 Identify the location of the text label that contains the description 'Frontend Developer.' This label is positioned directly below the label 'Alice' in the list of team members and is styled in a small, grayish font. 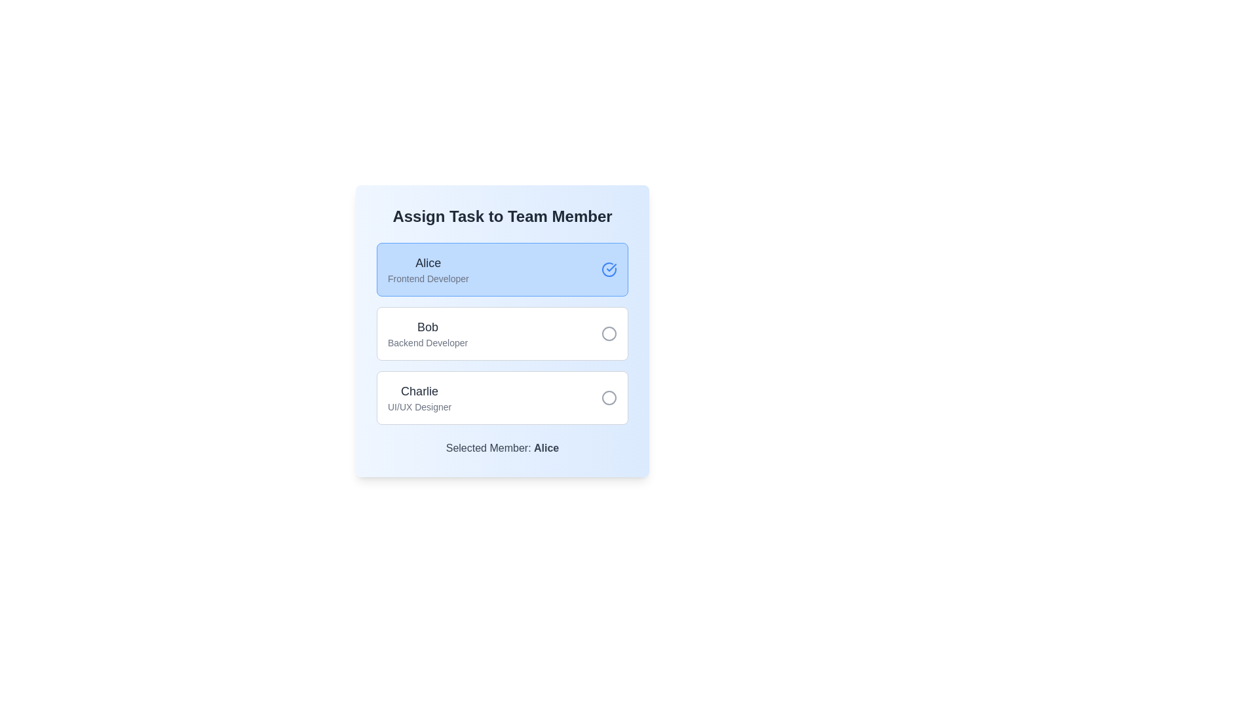
(428, 278).